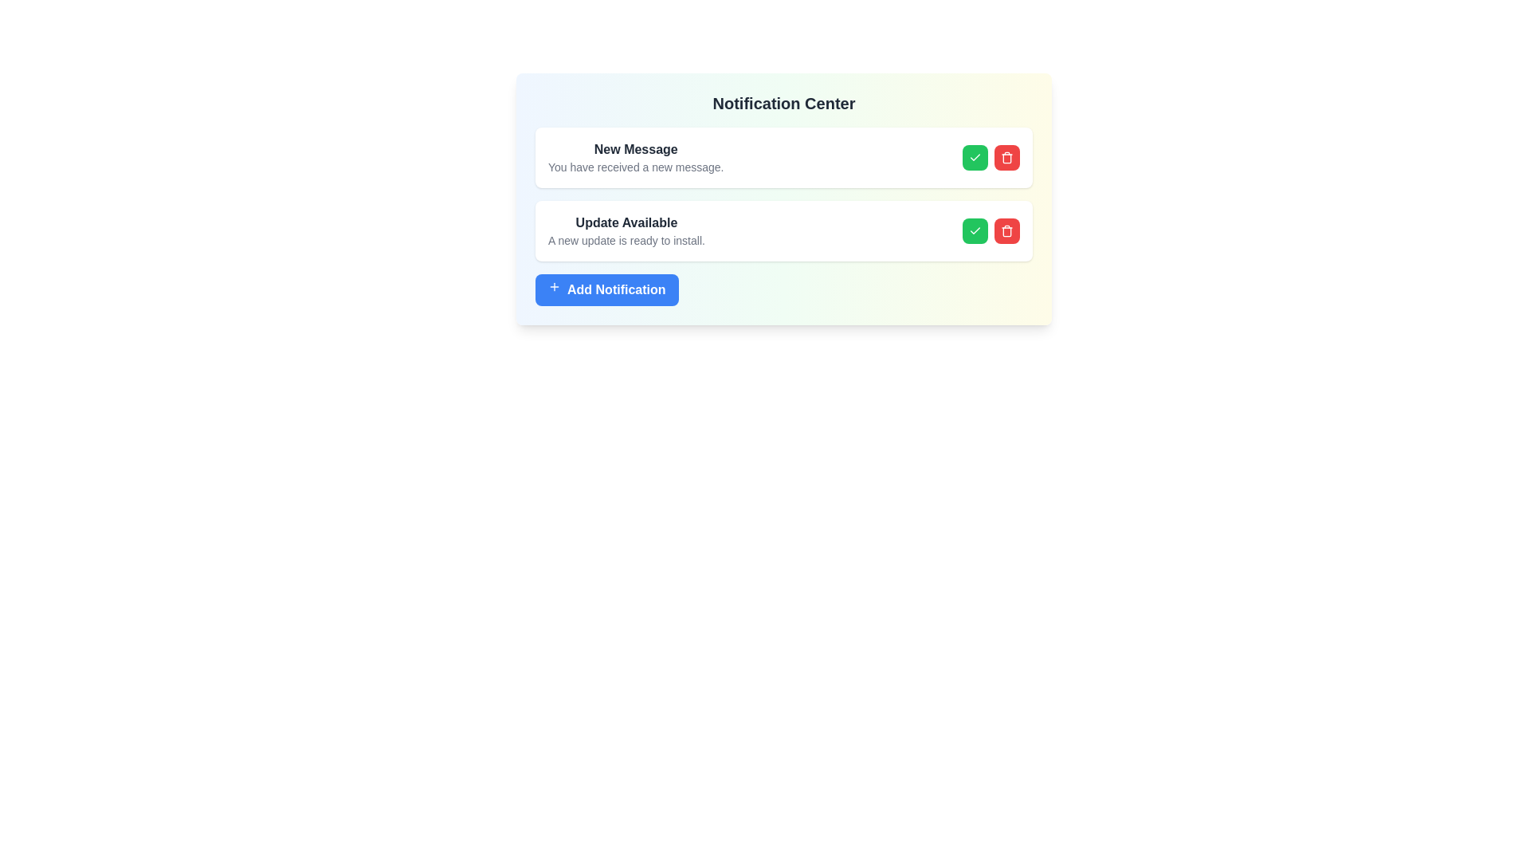 The height and width of the screenshot is (861, 1530). I want to click on the green button with a white checkmark icon to confirm or acknowledge the notification, located on the second row of the notification list, so click(975, 230).